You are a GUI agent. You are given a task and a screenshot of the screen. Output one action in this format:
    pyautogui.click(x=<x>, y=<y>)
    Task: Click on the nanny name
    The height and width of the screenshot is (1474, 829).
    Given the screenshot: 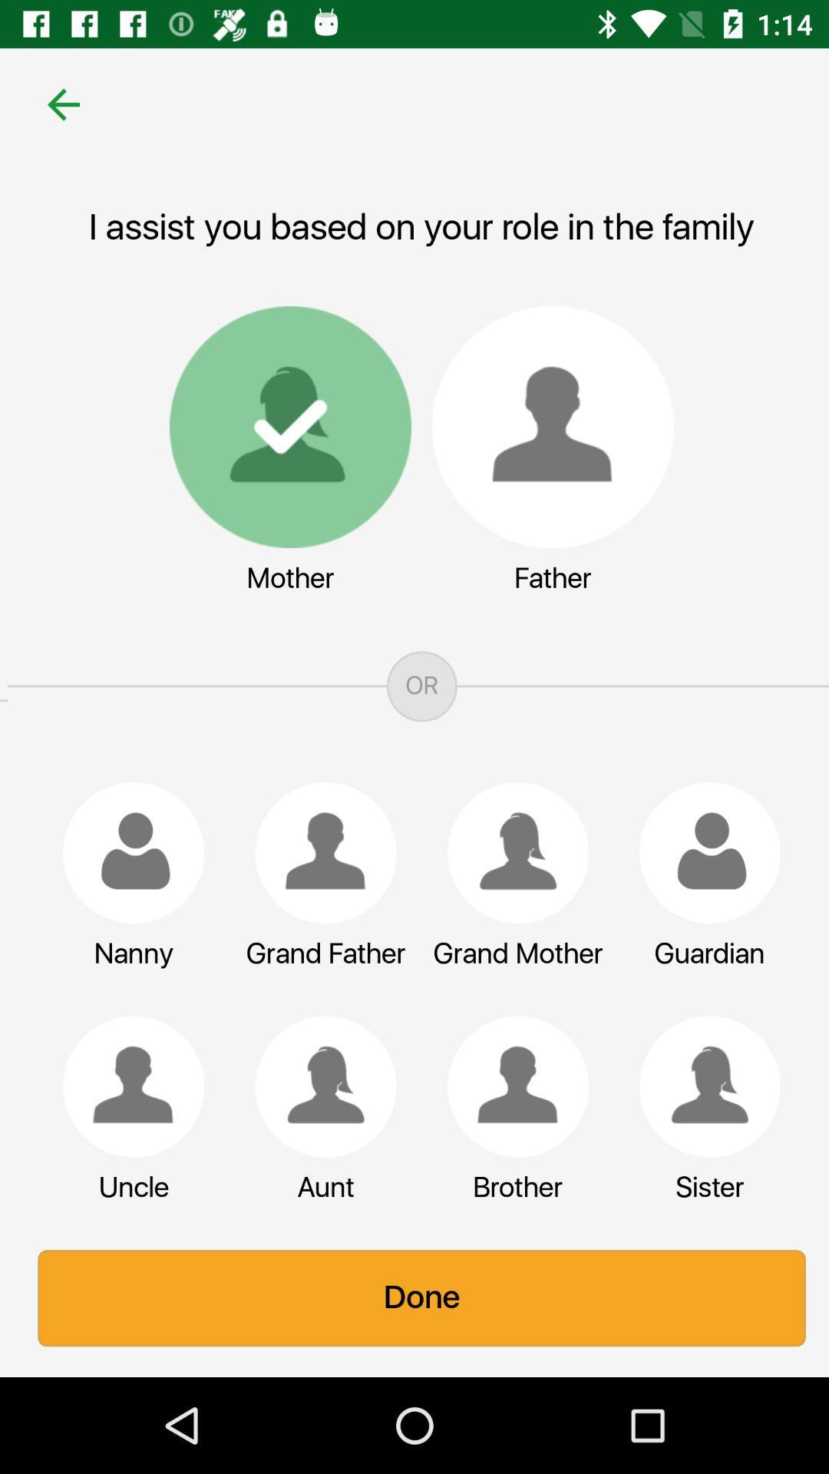 What is the action you would take?
    pyautogui.click(x=125, y=852)
    